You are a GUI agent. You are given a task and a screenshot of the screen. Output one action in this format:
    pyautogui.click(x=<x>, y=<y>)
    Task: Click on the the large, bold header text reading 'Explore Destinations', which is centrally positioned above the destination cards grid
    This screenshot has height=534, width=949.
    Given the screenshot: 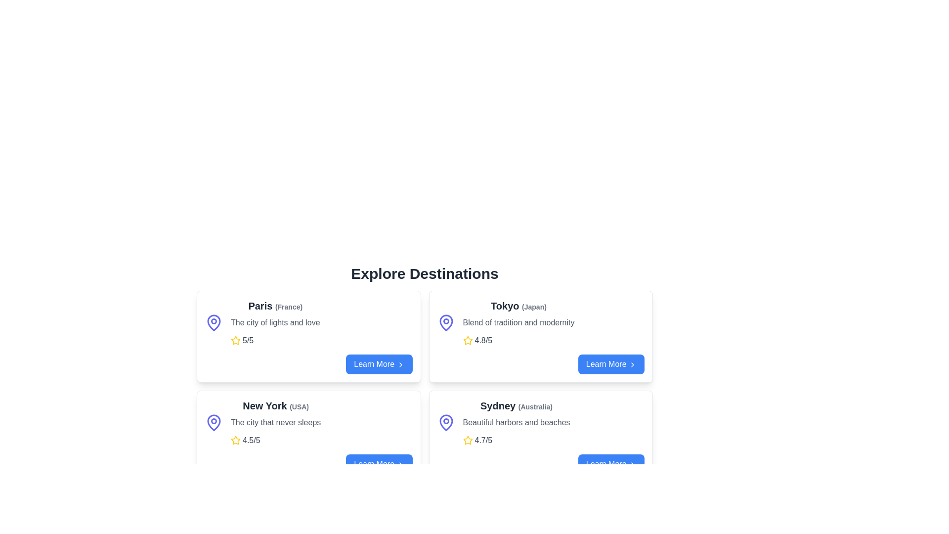 What is the action you would take?
    pyautogui.click(x=425, y=274)
    